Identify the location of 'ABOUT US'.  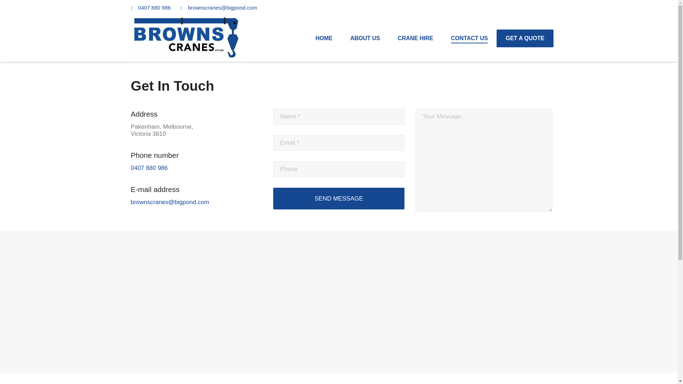
(365, 38).